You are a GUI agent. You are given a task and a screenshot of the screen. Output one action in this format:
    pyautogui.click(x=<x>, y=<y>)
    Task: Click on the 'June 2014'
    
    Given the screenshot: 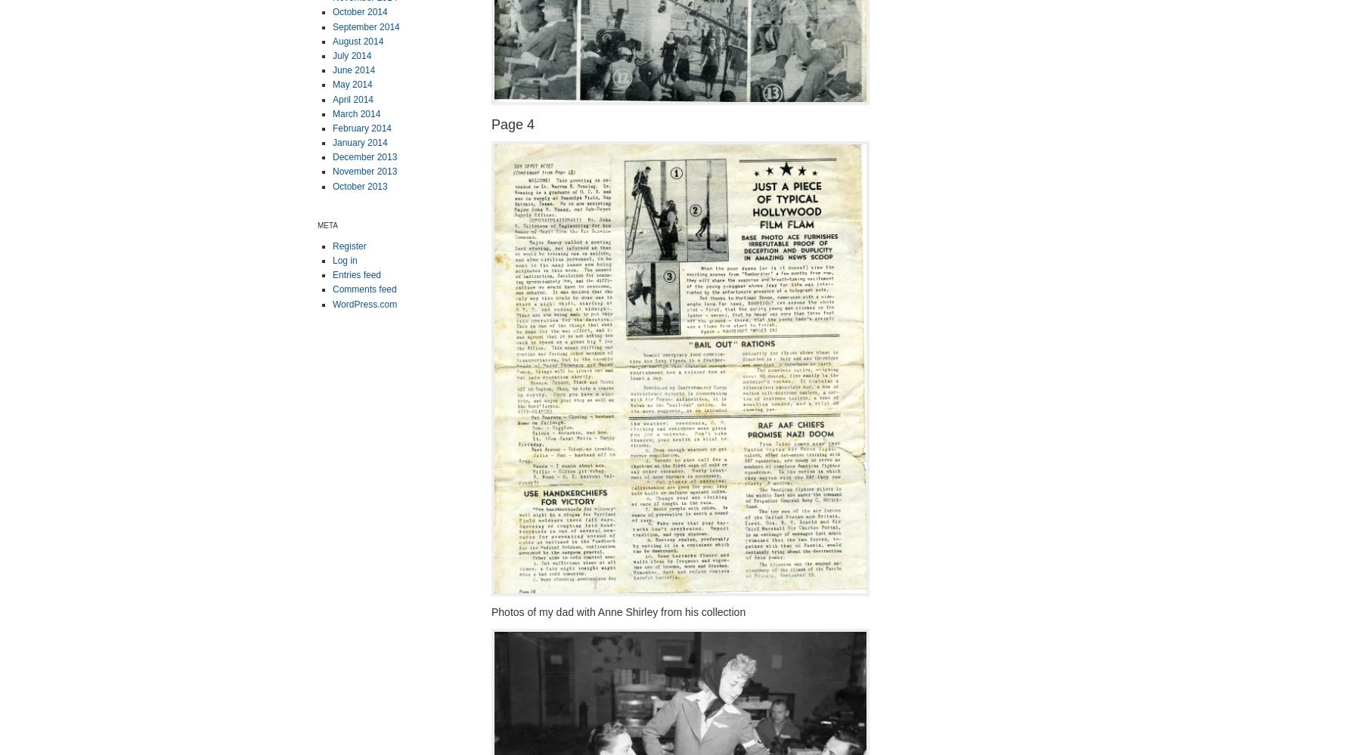 What is the action you would take?
    pyautogui.click(x=353, y=70)
    